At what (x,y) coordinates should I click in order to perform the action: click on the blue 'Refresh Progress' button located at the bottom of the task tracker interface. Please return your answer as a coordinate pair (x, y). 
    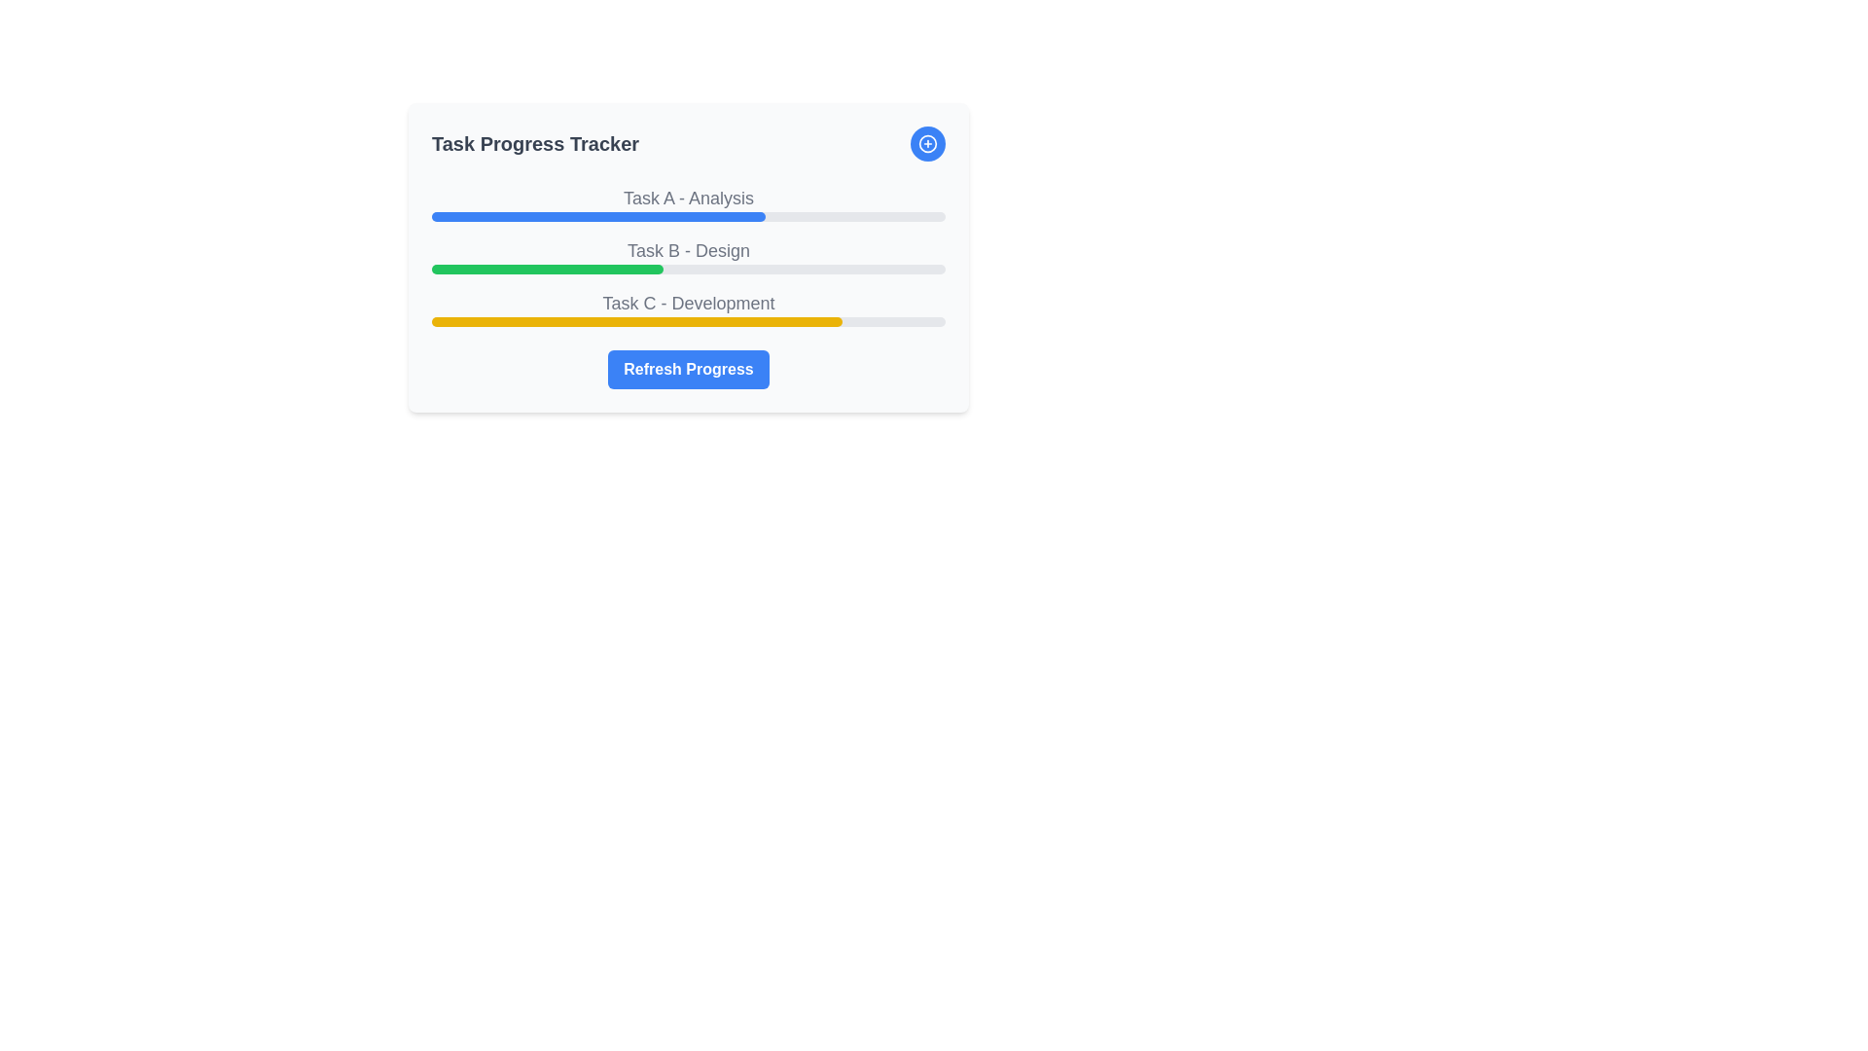
    Looking at the image, I should click on (689, 370).